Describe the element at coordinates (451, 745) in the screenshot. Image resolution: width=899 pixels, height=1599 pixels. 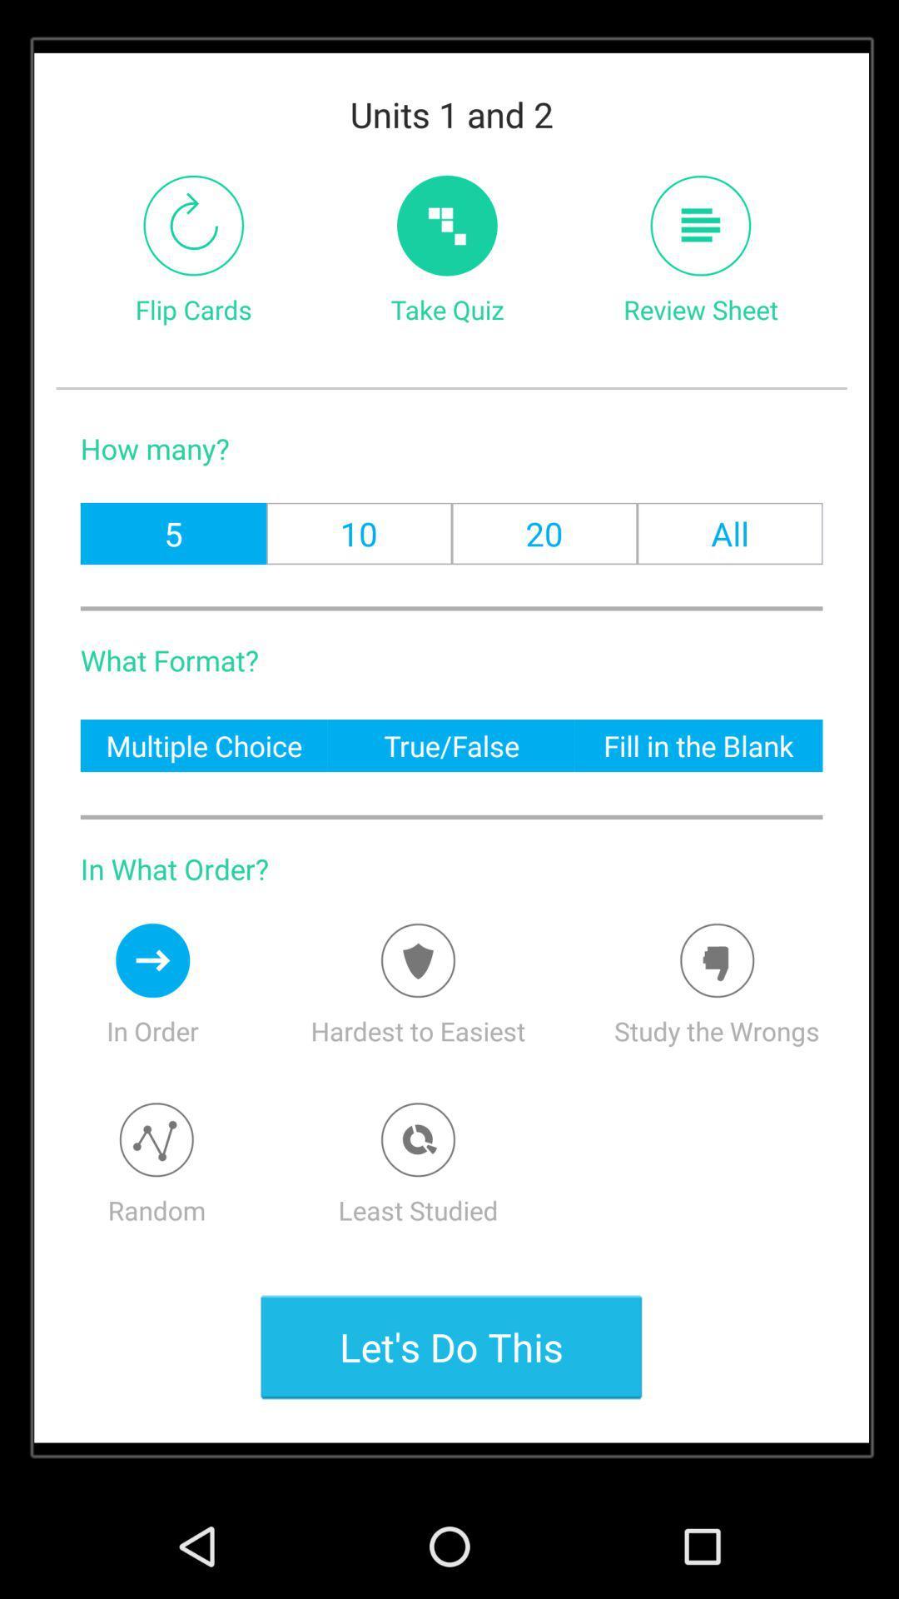
I see `the true/false item` at that location.